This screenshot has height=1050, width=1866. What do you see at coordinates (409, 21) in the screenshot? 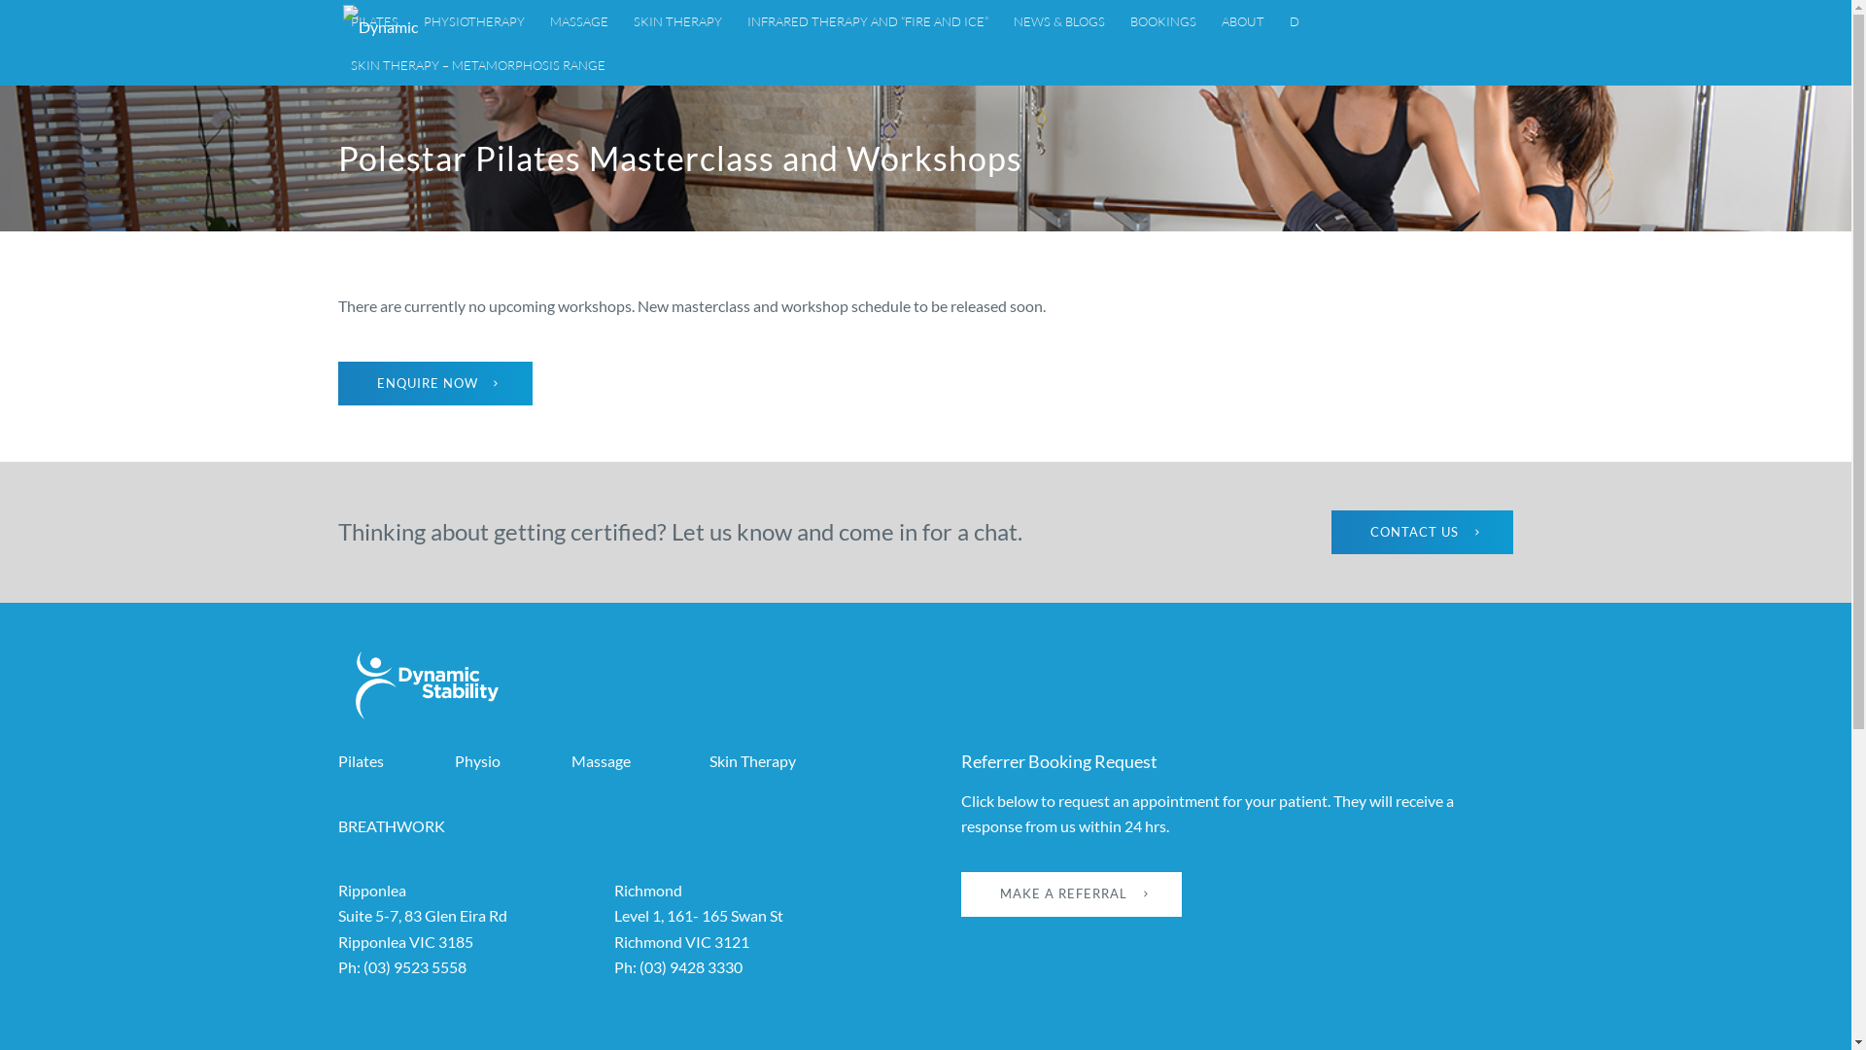
I see `'PHYSIOTHERAPY'` at bounding box center [409, 21].